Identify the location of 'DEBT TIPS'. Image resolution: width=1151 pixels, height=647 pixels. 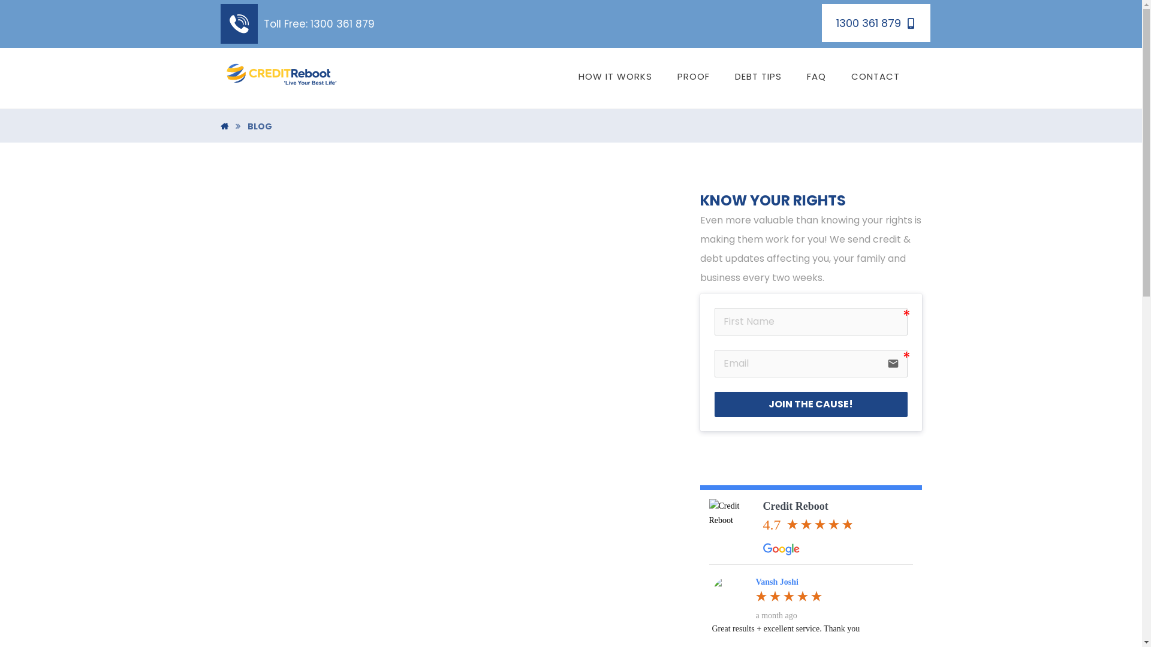
(758, 76).